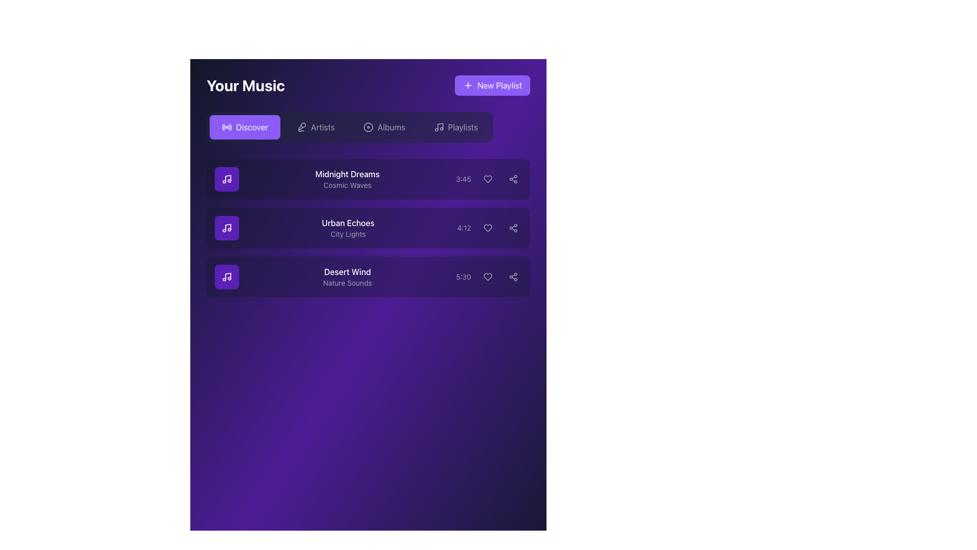 The width and height of the screenshot is (977, 550). Describe the element at coordinates (440, 126) in the screenshot. I see `the music note icon associated with the 'Playlists' tab in the interface` at that location.